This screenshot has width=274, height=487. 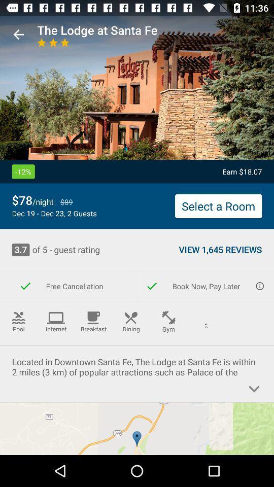 I want to click on the item to the left of the the lodge at, so click(x=18, y=34).